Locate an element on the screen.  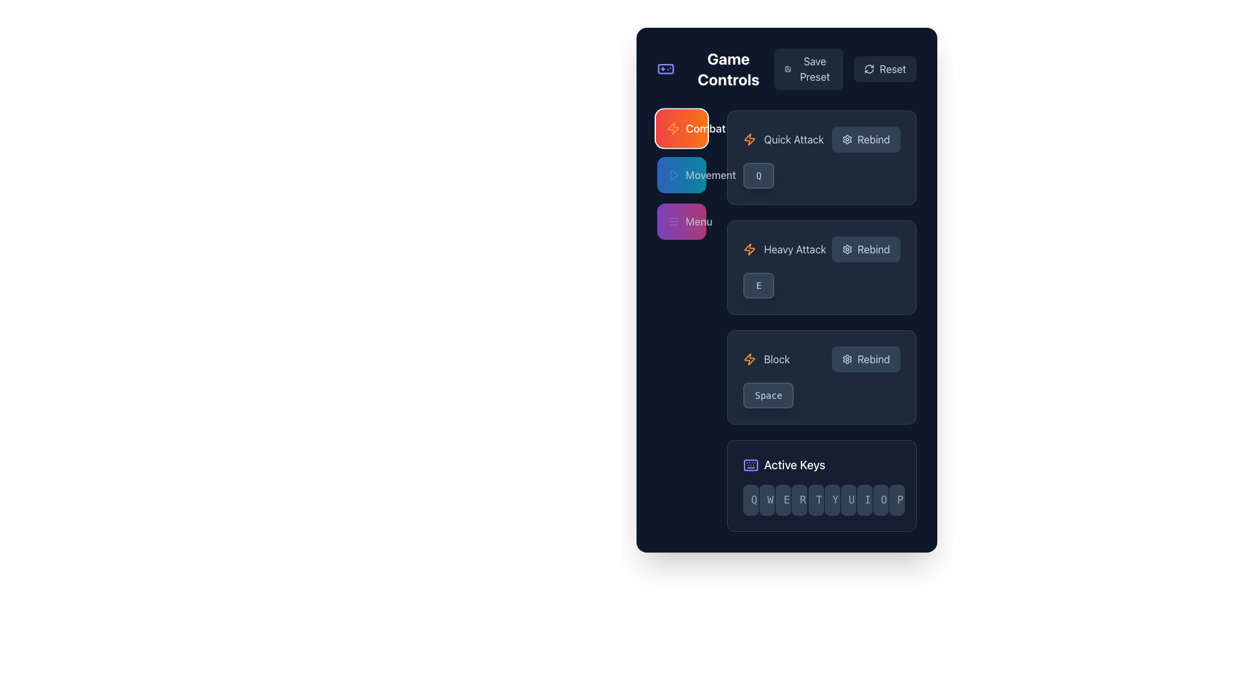
the 'Quick Attack' static text label, which is the rightmost element in the first row of the 'Combat' section, providing a description of the associated action is located at coordinates (793, 140).